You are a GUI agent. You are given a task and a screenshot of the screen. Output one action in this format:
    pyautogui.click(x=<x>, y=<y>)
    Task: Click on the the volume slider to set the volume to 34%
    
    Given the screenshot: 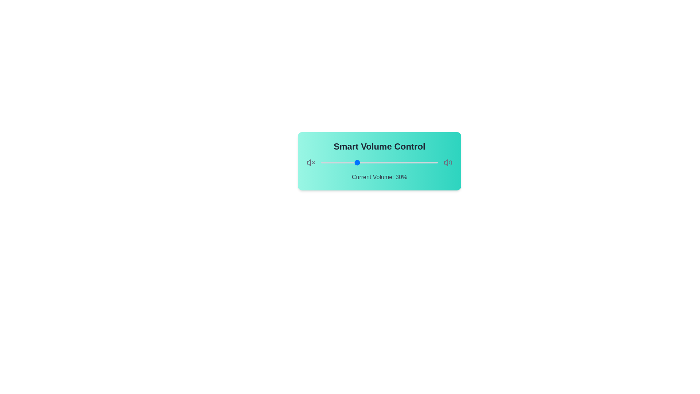 What is the action you would take?
    pyautogui.click(x=361, y=162)
    